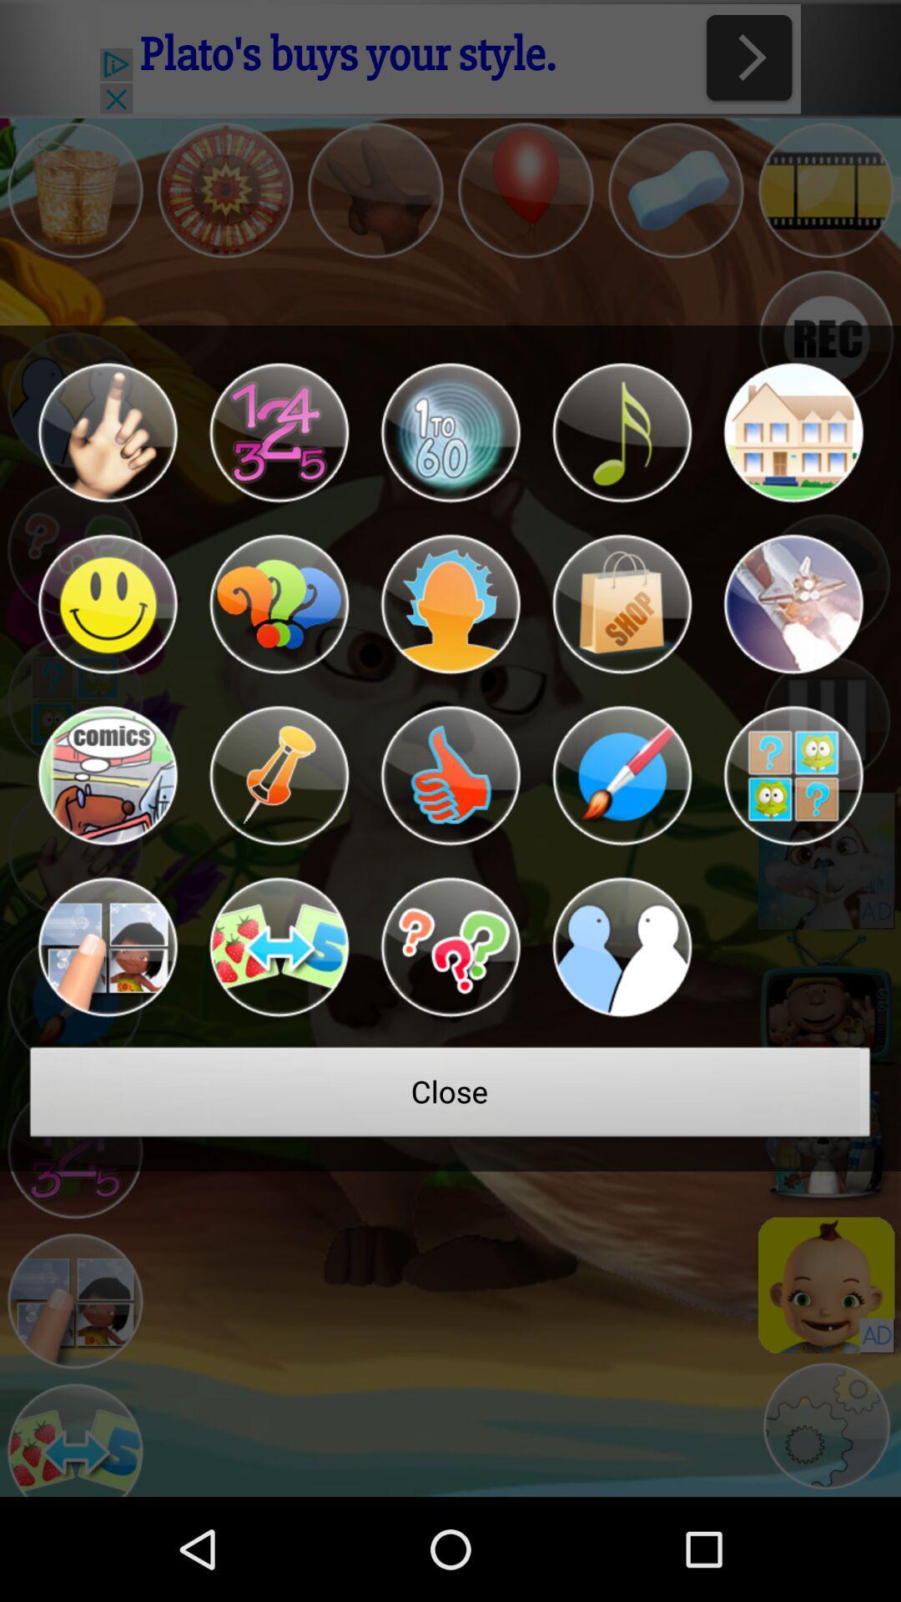  Describe the element at coordinates (278, 947) in the screenshot. I see `a button to select a game` at that location.